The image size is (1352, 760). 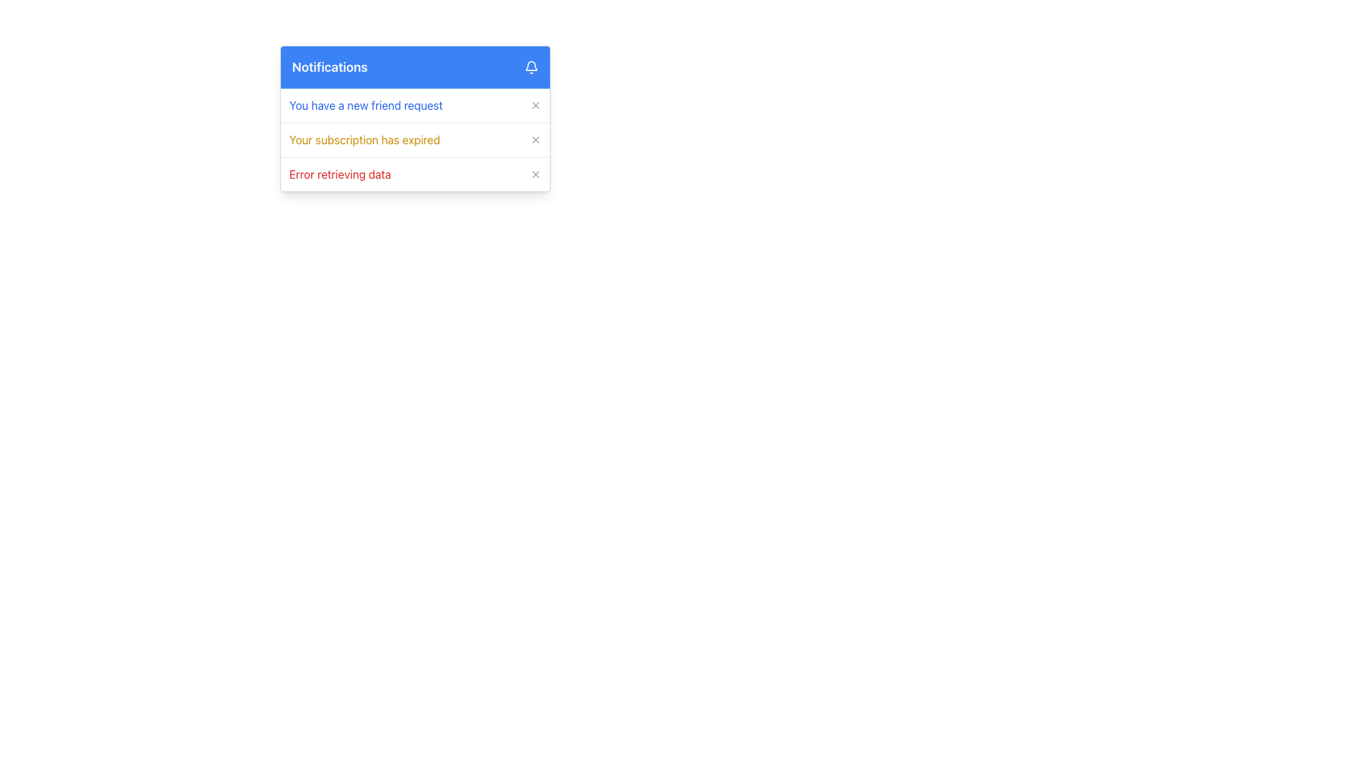 I want to click on the blue-colored text label that reads 'You have a new friend request.' located within the notification card under the 'Notifications' heading, so click(x=365, y=105).